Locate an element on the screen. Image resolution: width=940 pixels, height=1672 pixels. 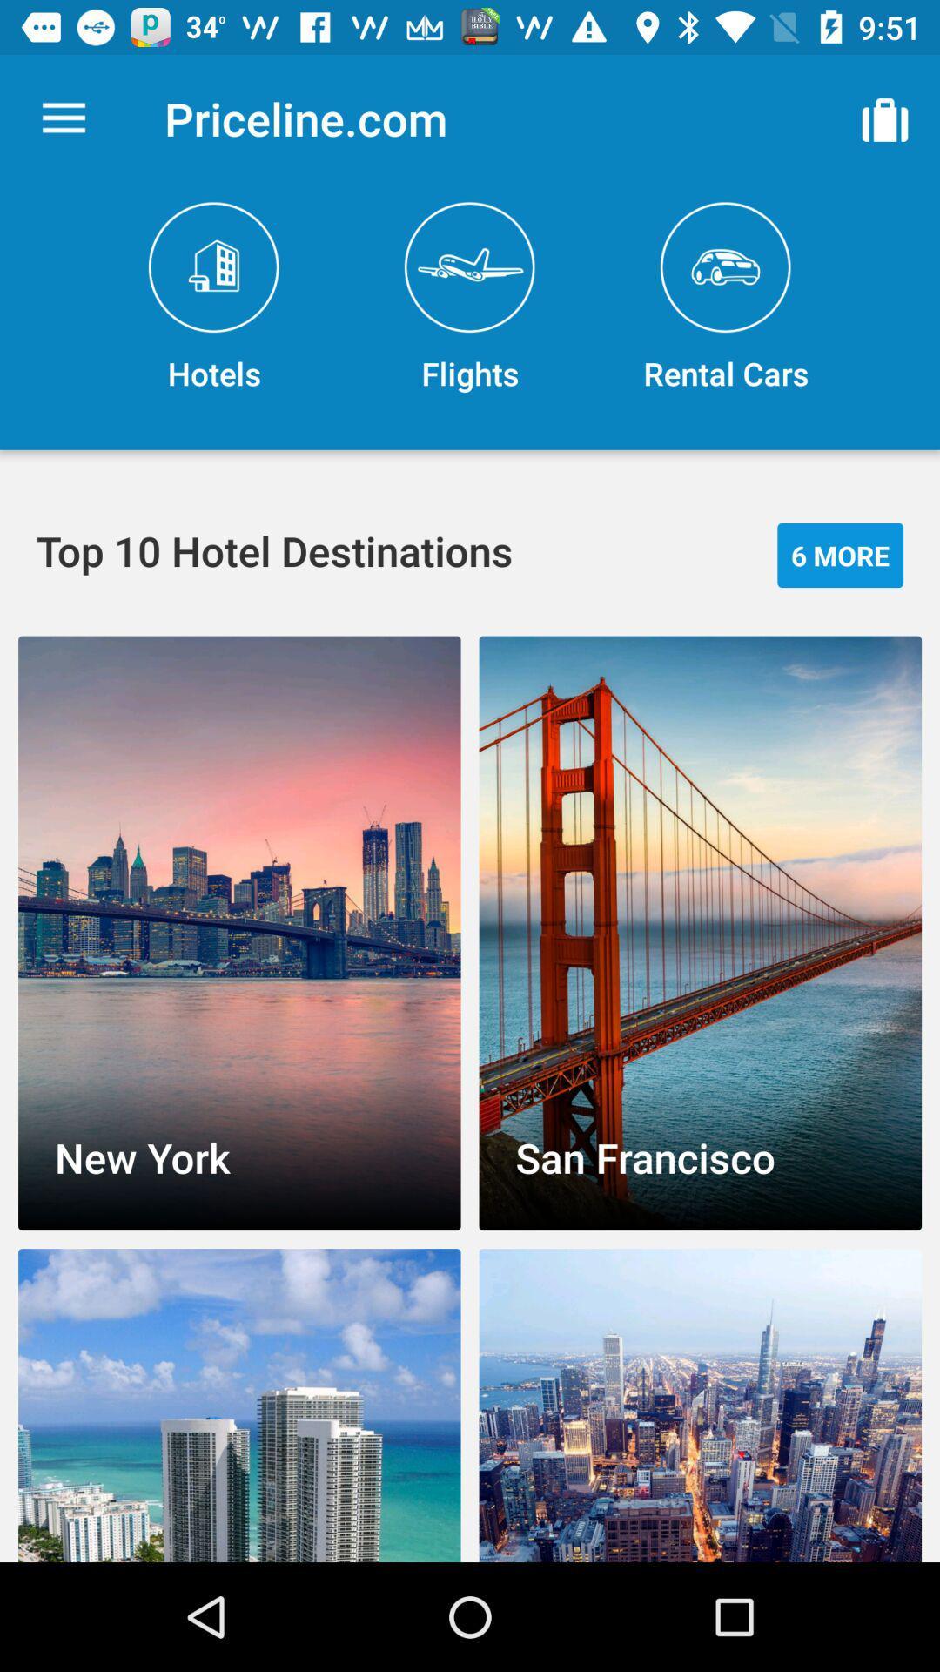
the item next to flights icon is located at coordinates (213, 298).